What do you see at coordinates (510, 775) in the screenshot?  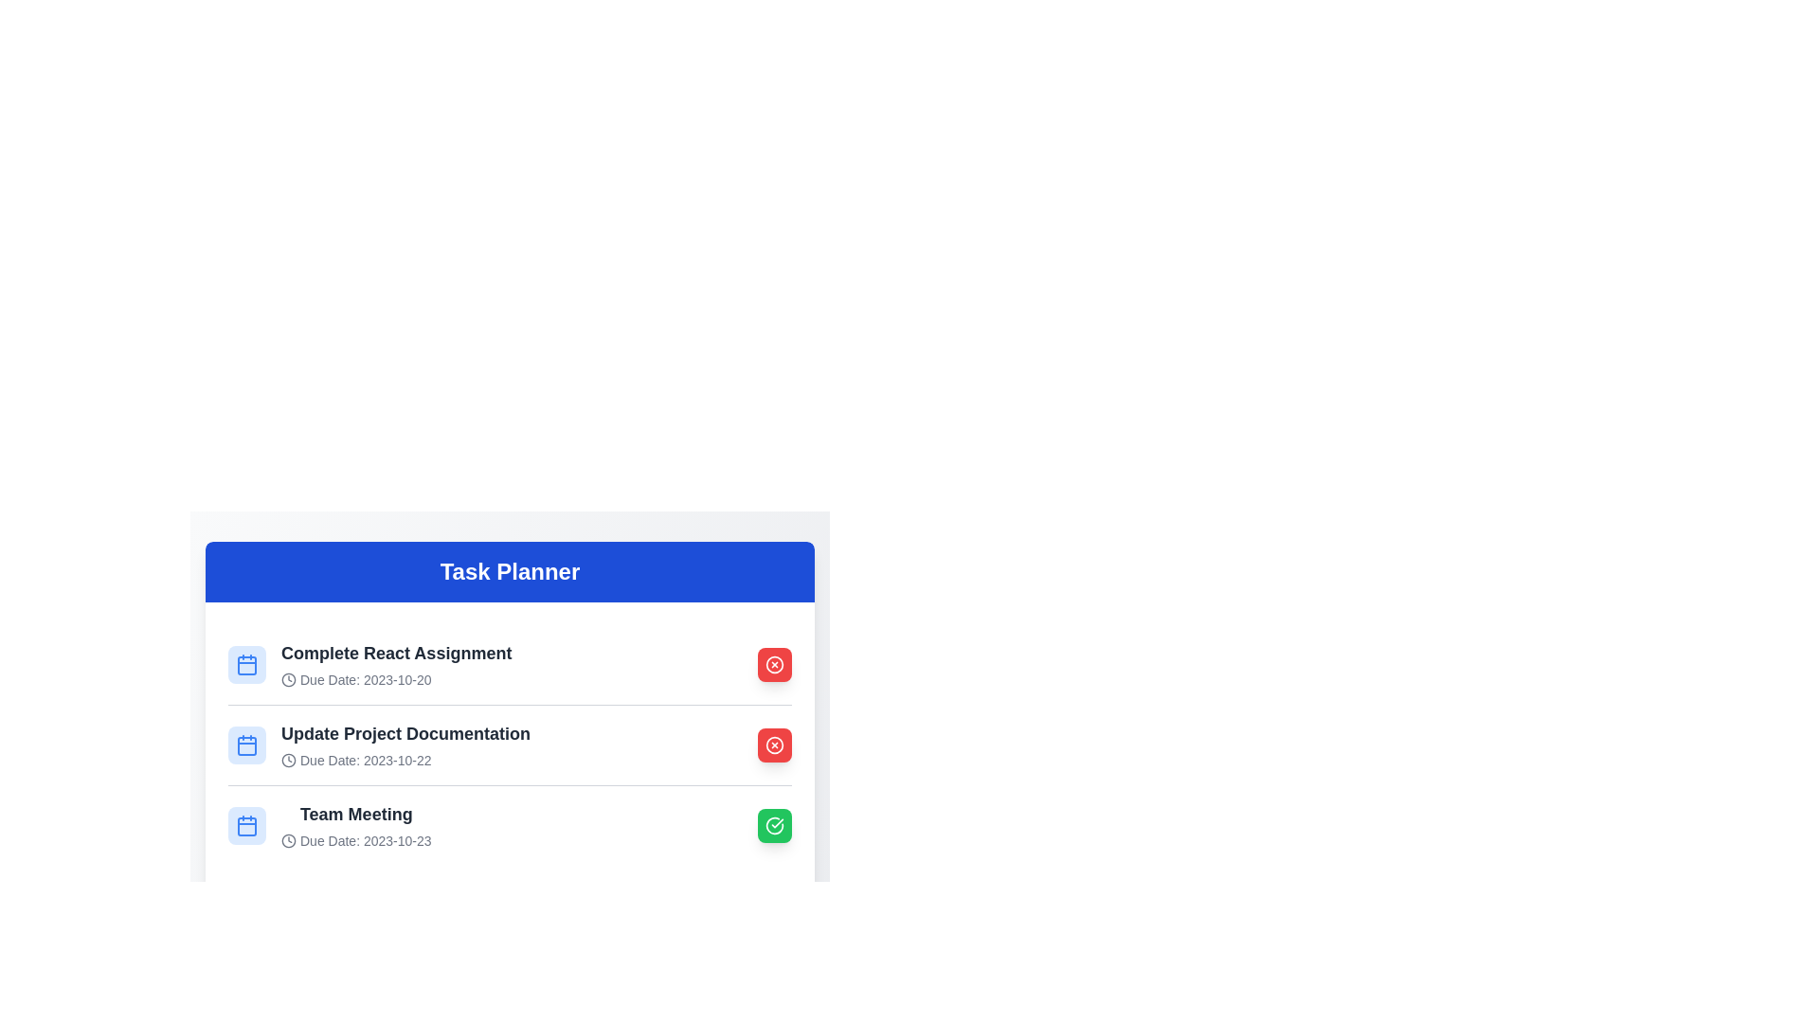 I see `the second task item labeled 'Update Project Documentation' in the task planner interface` at bounding box center [510, 775].